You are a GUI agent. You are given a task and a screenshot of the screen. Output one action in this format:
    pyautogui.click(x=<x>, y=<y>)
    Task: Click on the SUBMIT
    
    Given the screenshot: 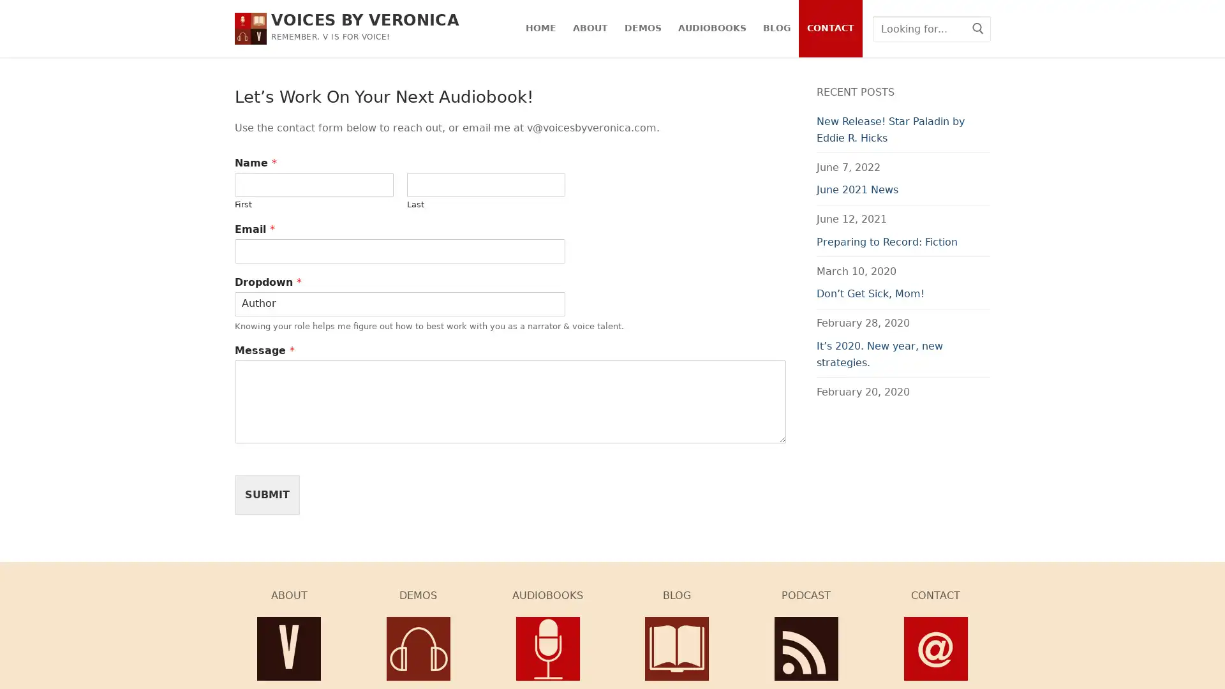 What is the action you would take?
    pyautogui.click(x=266, y=494)
    